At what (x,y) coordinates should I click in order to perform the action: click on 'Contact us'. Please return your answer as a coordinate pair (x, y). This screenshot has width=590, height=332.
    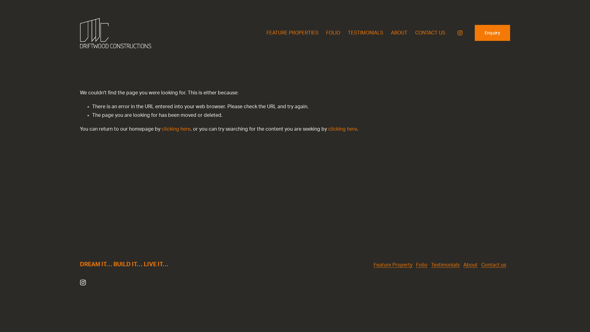
    Looking at the image, I should click on (494, 265).